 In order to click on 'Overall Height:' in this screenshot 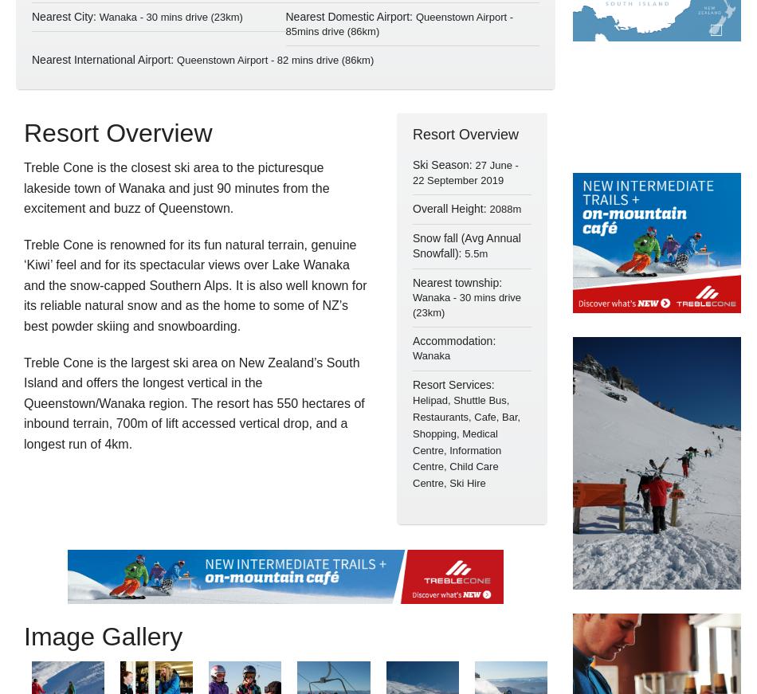, I will do `click(451, 208)`.